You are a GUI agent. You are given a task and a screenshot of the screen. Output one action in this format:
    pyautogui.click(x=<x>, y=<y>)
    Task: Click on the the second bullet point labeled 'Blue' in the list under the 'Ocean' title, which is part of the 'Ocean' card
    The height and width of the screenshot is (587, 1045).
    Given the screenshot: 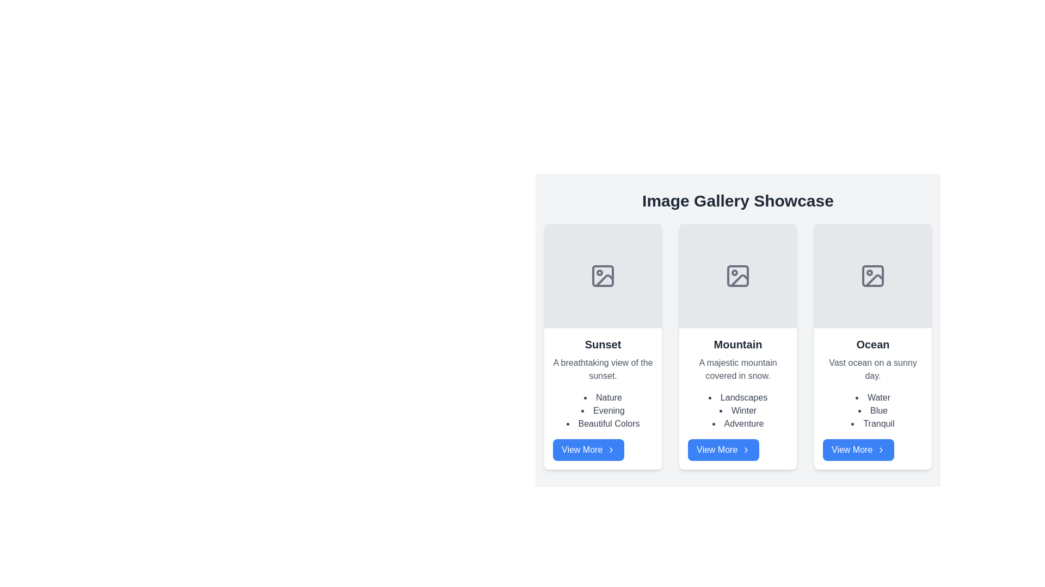 What is the action you would take?
    pyautogui.click(x=872, y=411)
    